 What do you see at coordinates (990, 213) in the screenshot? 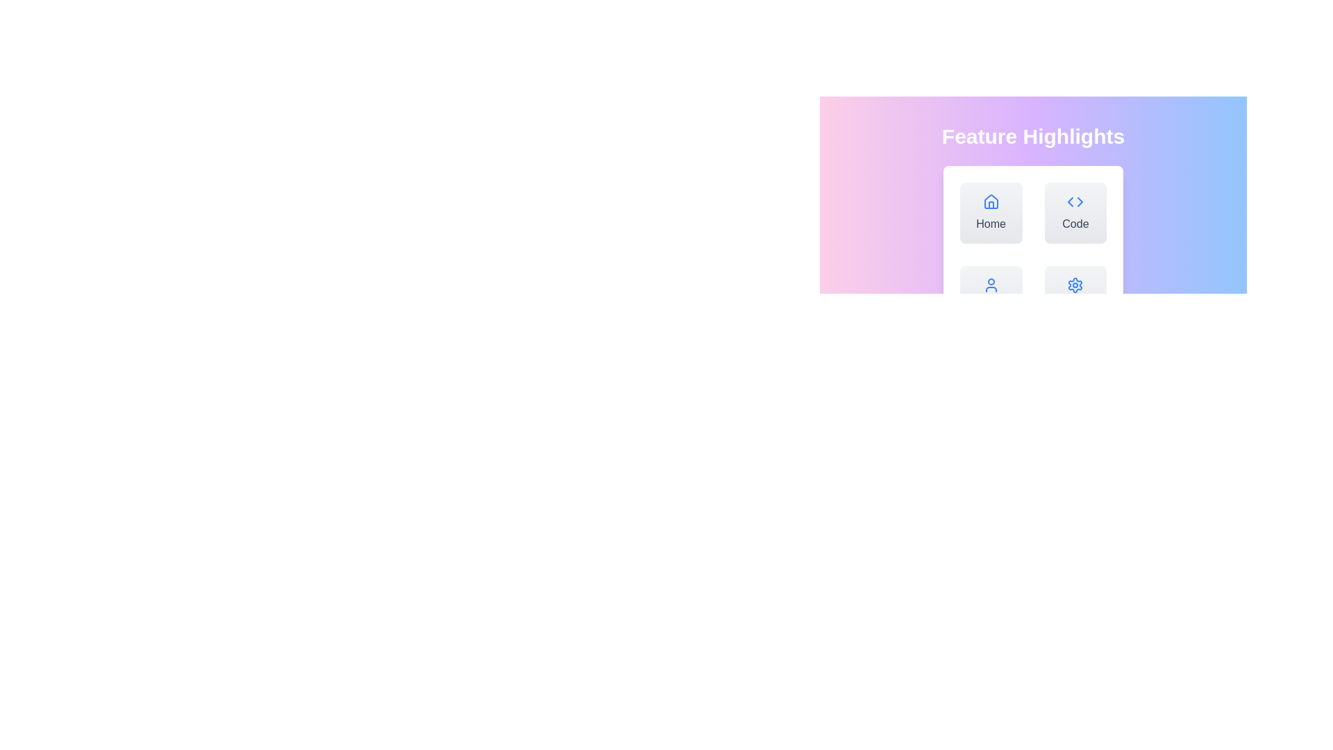
I see `the 'Home' navigation button located in the top-left corner of the interactive grid` at bounding box center [990, 213].